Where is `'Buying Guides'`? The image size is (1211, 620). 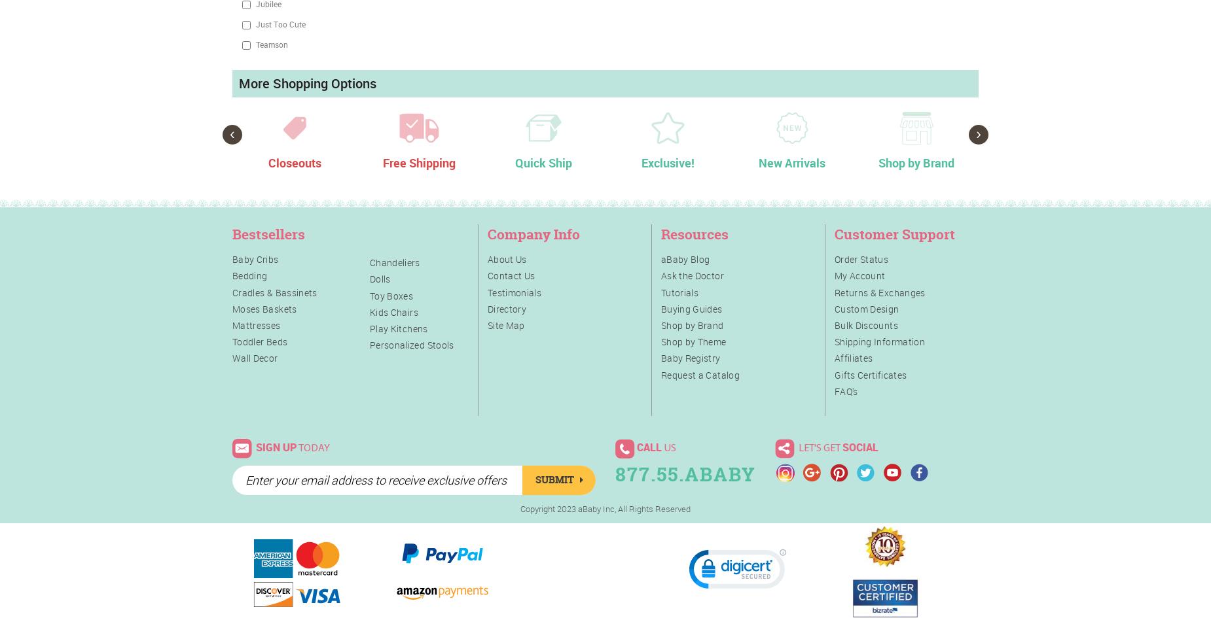 'Buying Guides' is located at coordinates (690, 307).